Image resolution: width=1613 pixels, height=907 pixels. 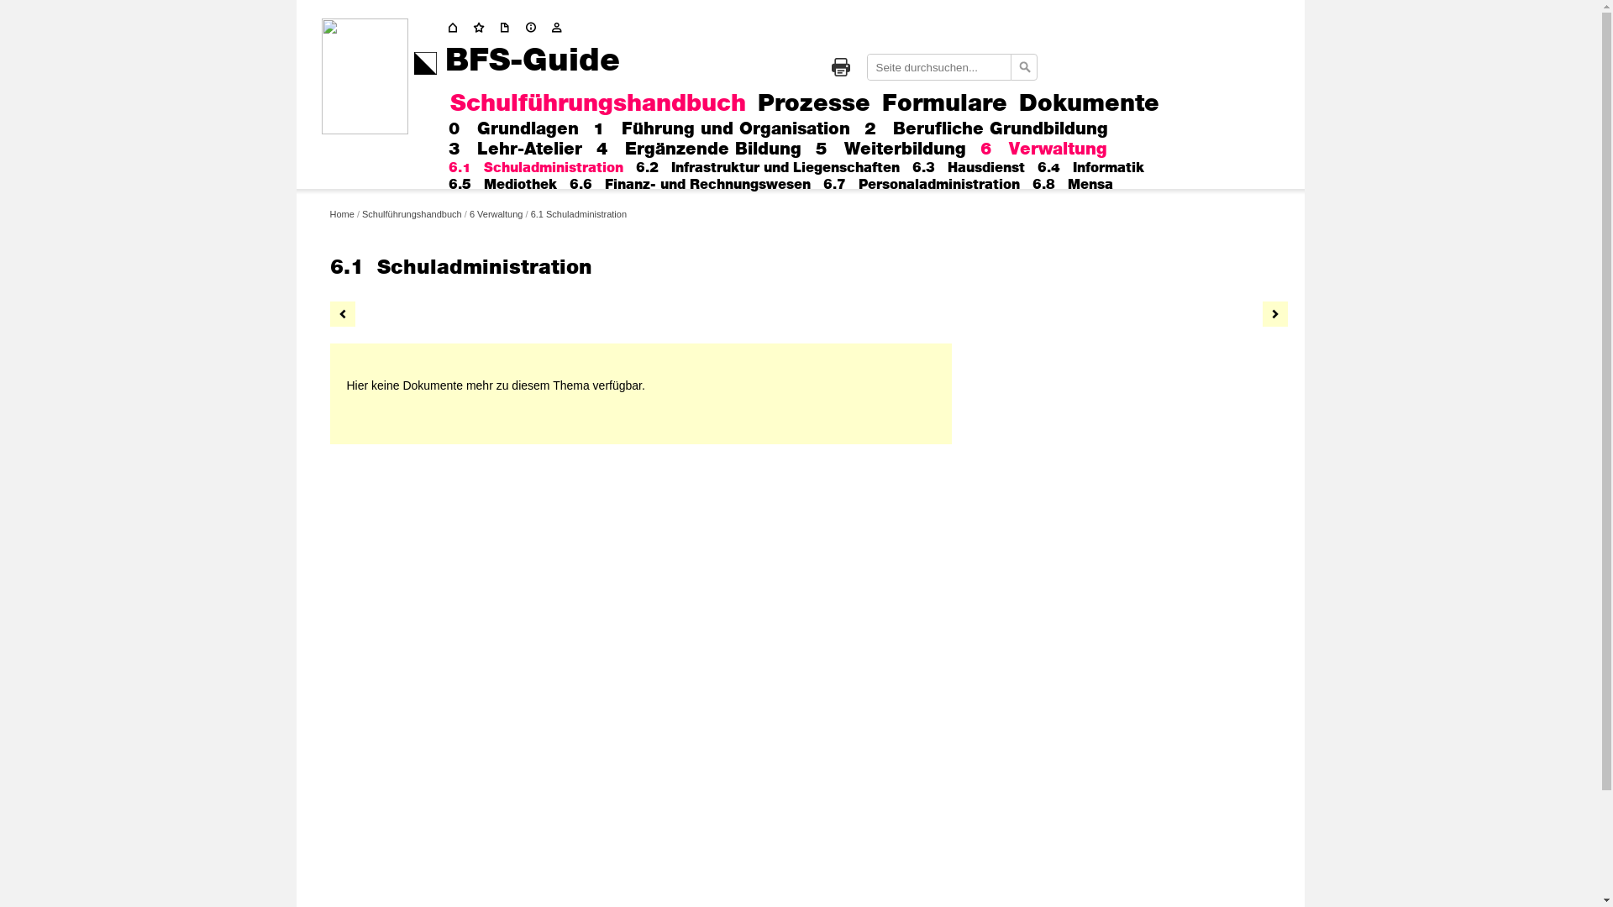 What do you see at coordinates (1088, 104) in the screenshot?
I see `'Dokumente'` at bounding box center [1088, 104].